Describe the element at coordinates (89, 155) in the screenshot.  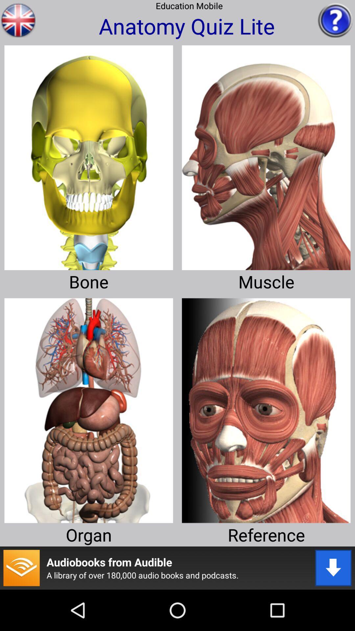
I see `bone quis selection` at that location.